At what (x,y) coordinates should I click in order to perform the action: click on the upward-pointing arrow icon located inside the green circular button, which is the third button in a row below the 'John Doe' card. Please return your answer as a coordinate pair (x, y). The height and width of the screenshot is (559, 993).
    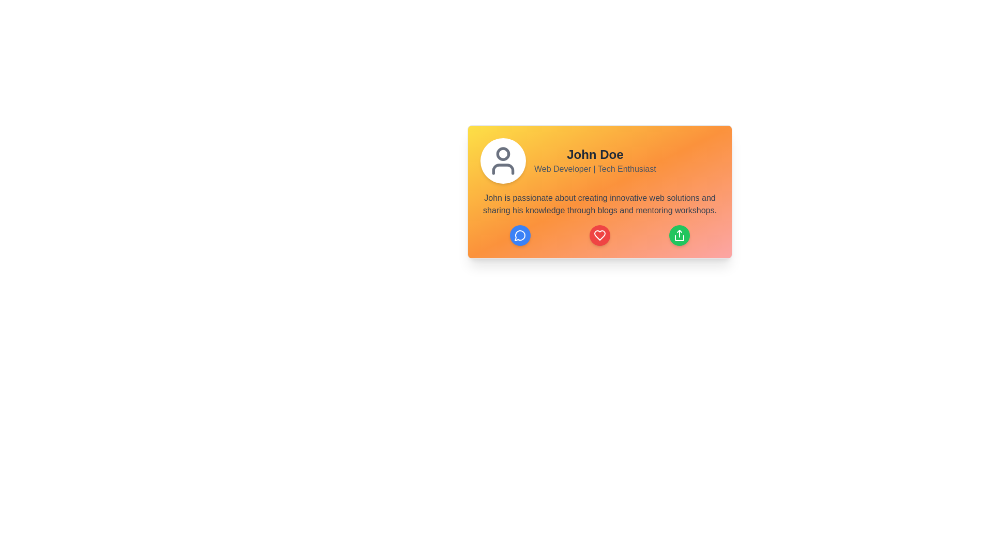
    Looking at the image, I should click on (680, 236).